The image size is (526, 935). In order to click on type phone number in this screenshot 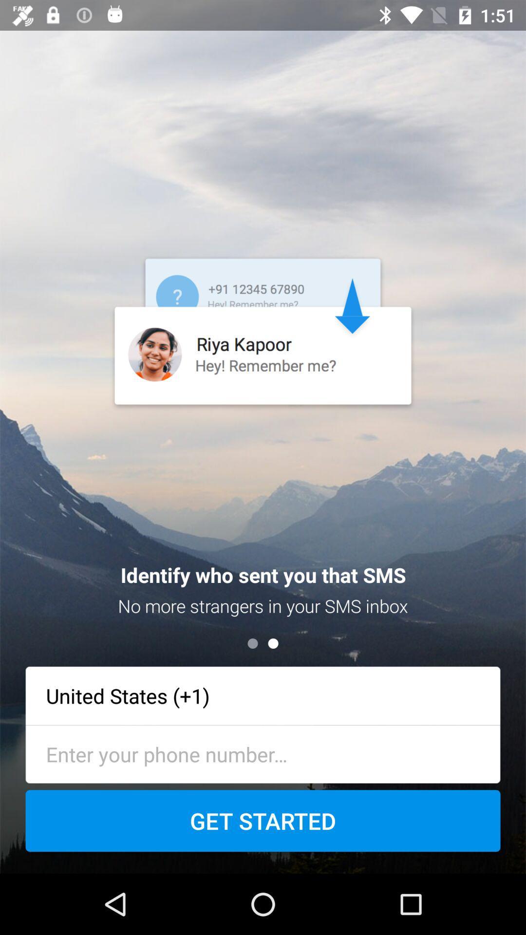, I will do `click(263, 753)`.